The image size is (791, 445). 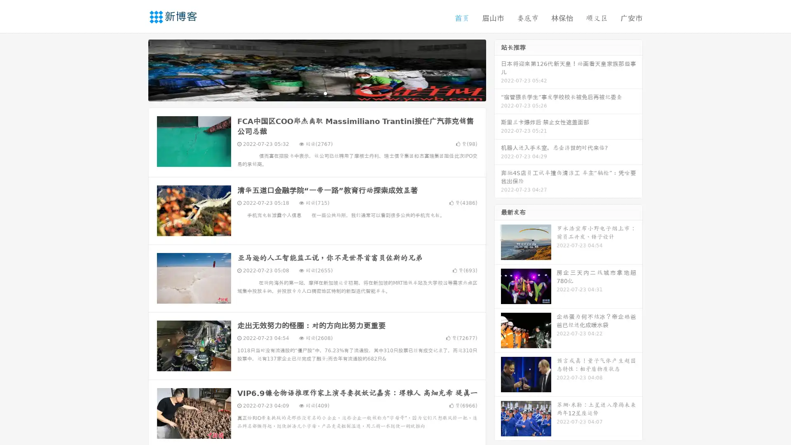 I want to click on Previous slide, so click(x=136, y=69).